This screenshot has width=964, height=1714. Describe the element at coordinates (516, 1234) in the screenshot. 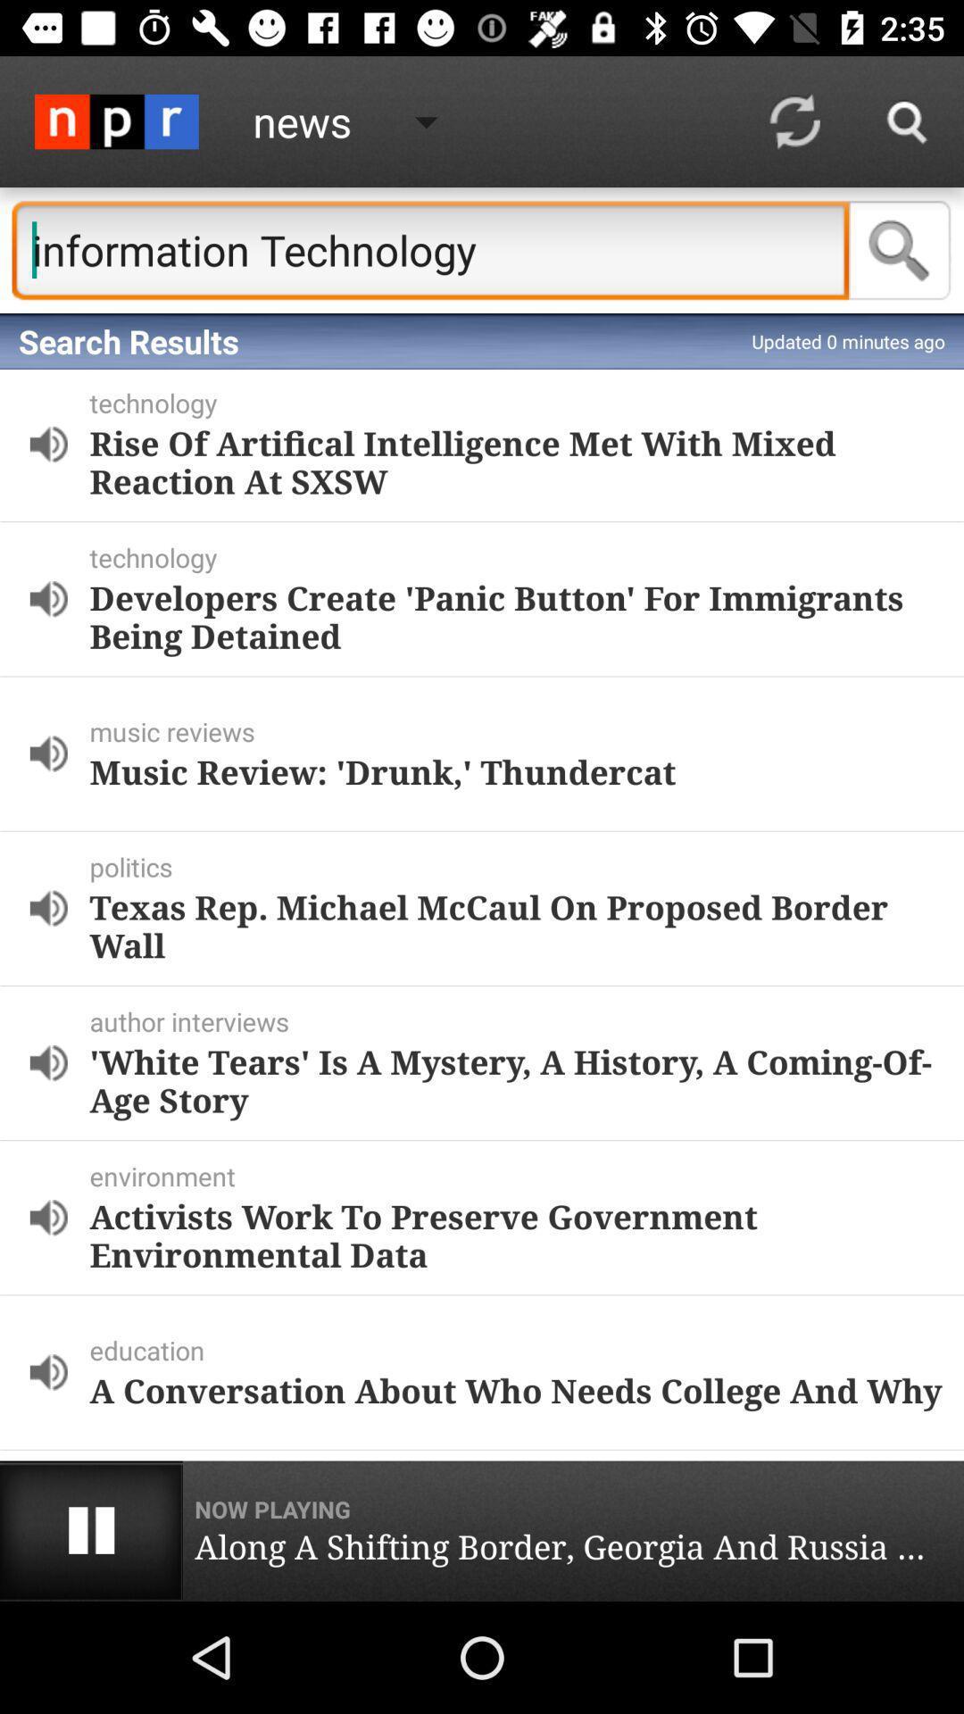

I see `the activists work to` at that location.